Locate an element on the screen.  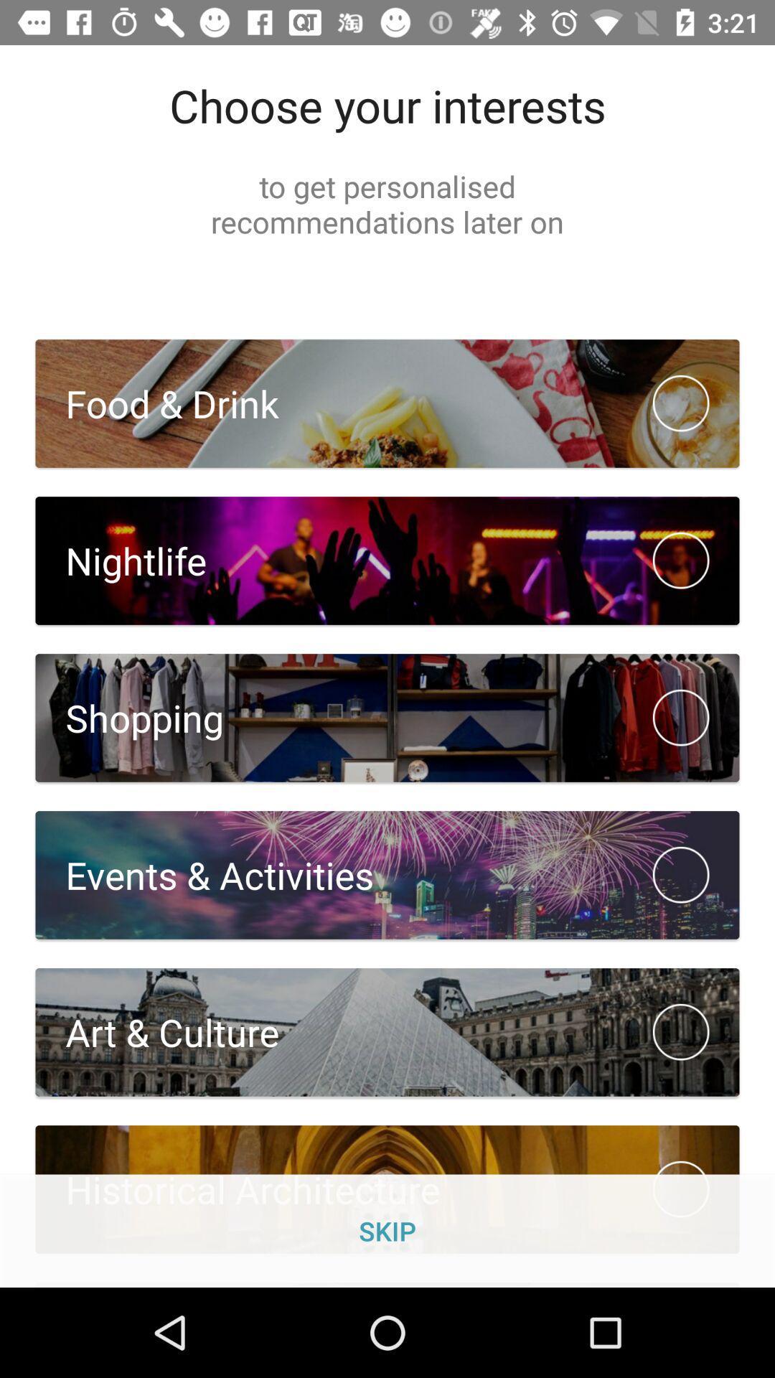
the button below nightlife is located at coordinates (387, 718).